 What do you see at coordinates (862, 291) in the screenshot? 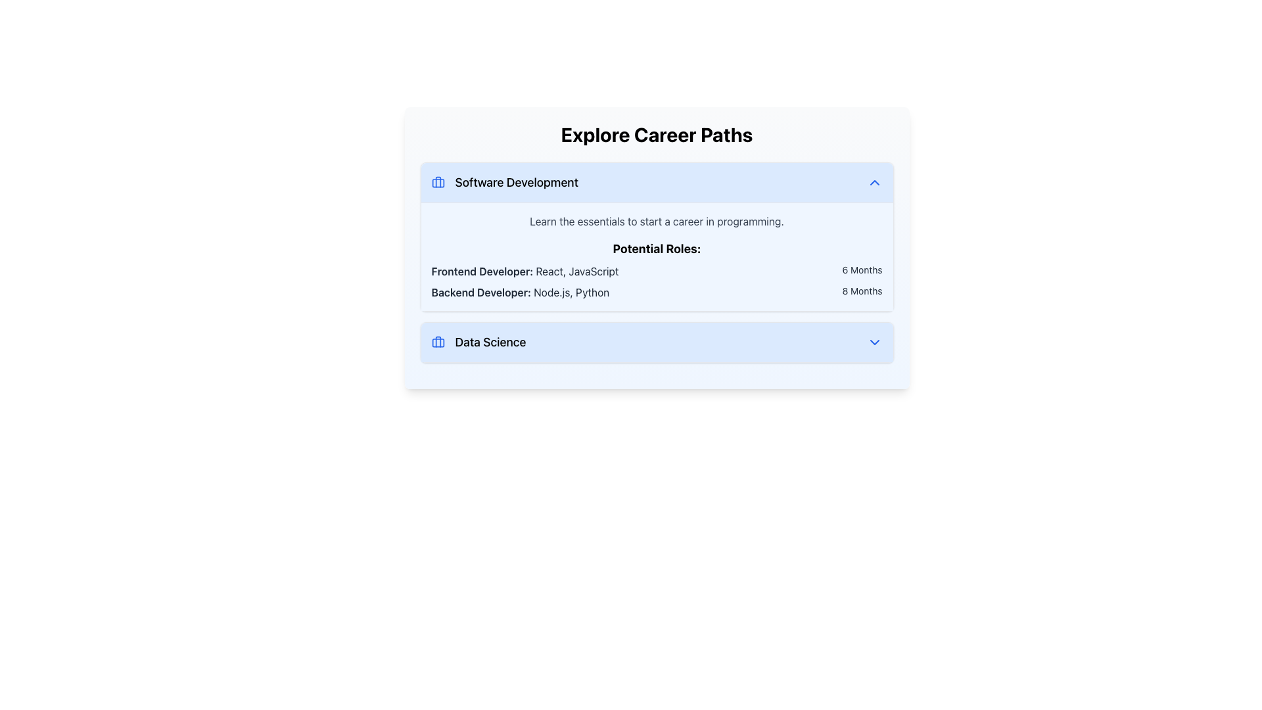
I see `the text label displaying '8 Months', which is styled in italic and smaller font, located at the bottom right of the 'Software Development' section, aligned with the 'Backend Developer' descriptions` at bounding box center [862, 291].